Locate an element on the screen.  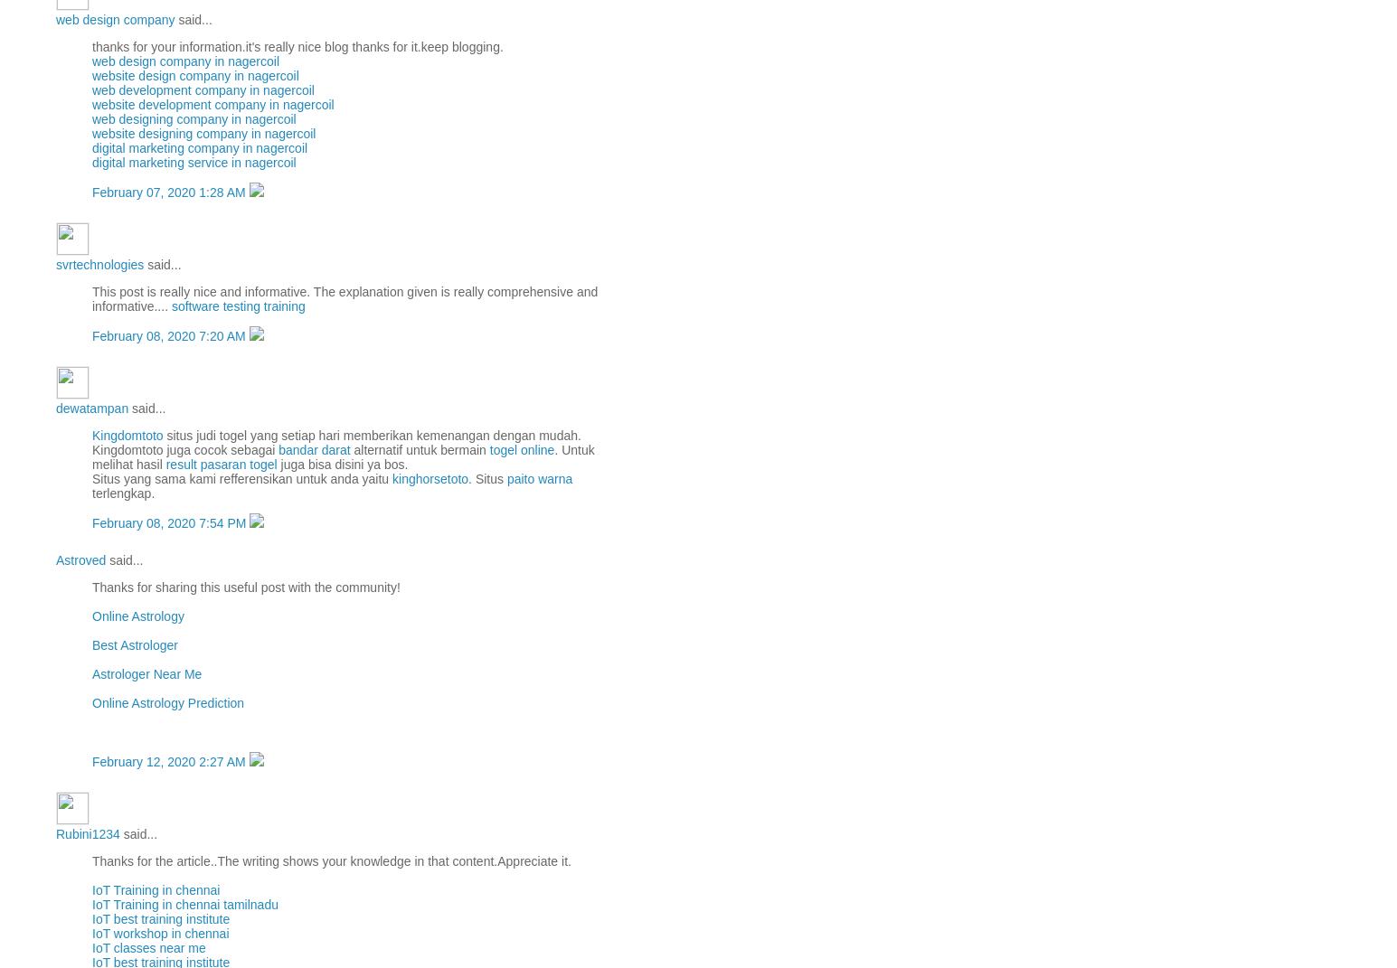
'Rubini1234' is located at coordinates (87, 832).